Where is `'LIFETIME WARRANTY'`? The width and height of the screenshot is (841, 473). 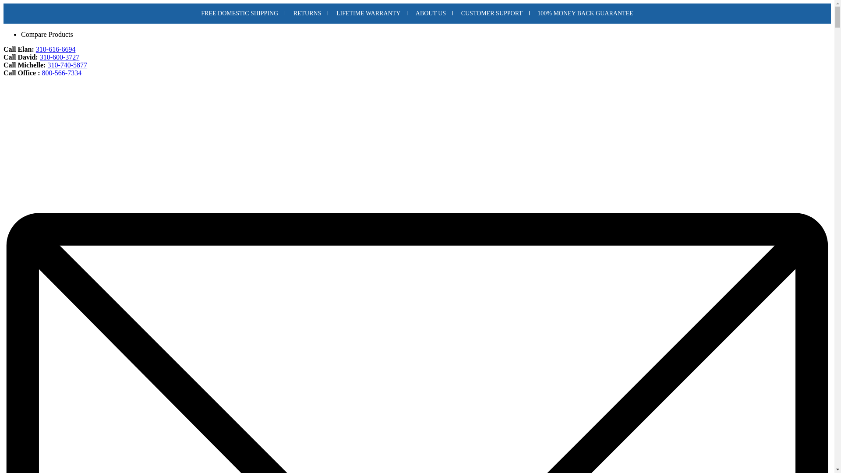 'LIFETIME WARRANTY' is located at coordinates (368, 13).